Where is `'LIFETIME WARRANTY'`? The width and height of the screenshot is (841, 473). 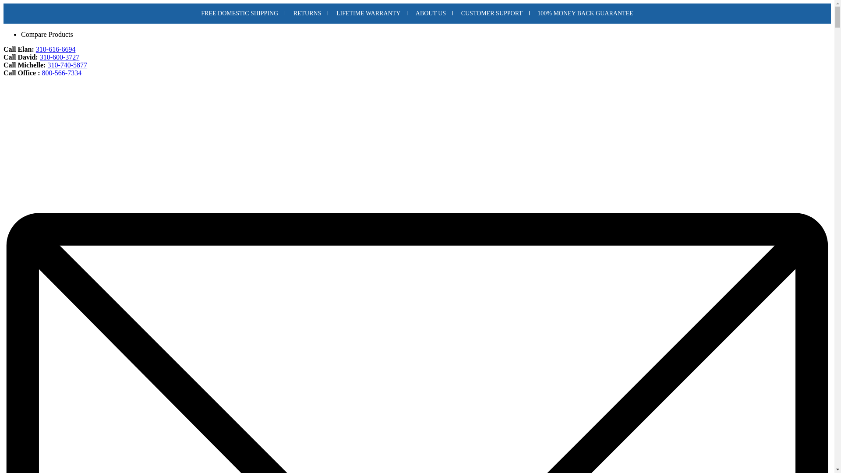 'LIFETIME WARRANTY' is located at coordinates (368, 13).